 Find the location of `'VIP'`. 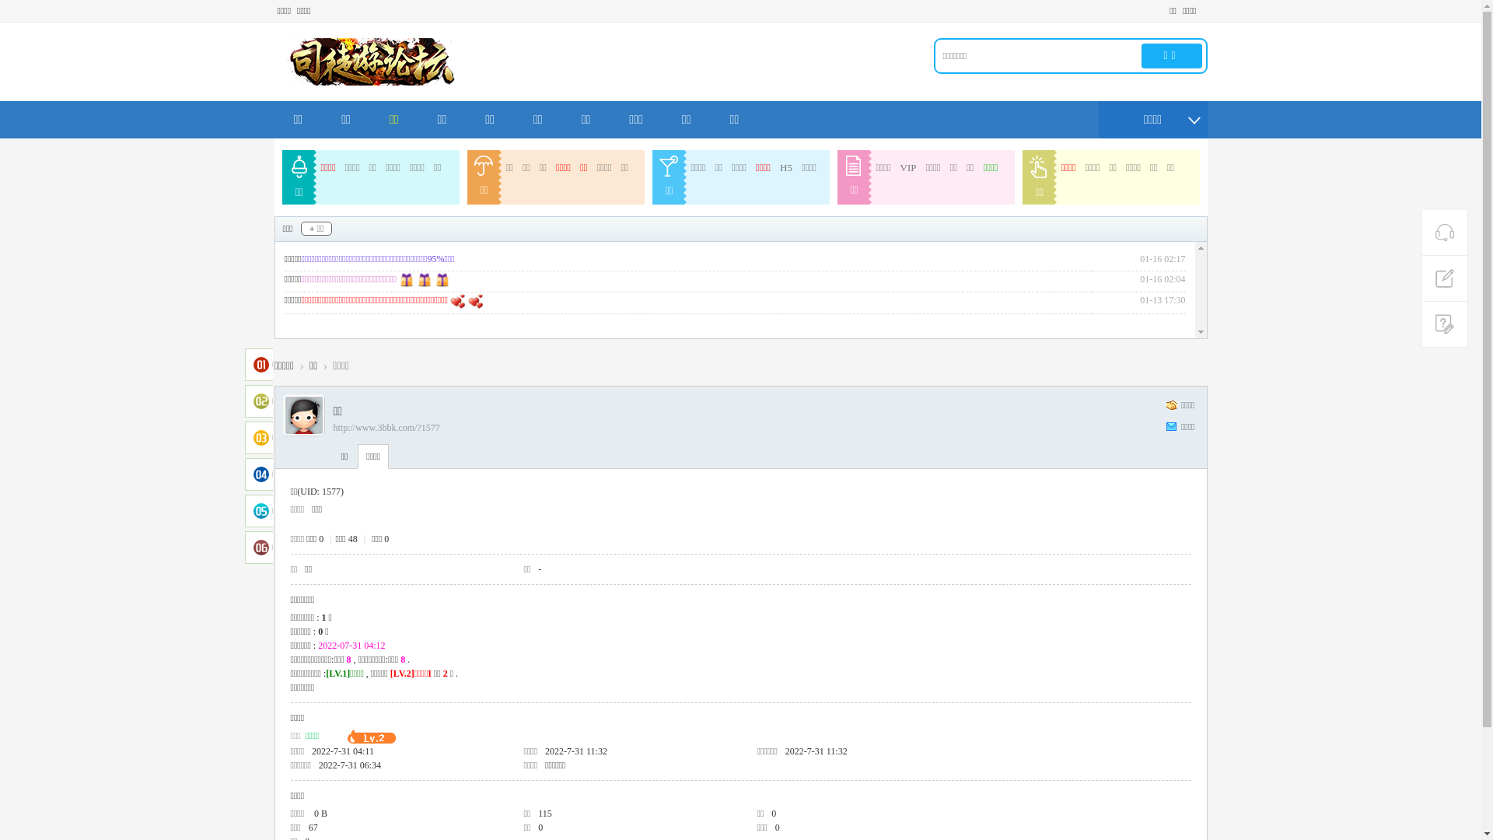

'VIP' is located at coordinates (908, 167).